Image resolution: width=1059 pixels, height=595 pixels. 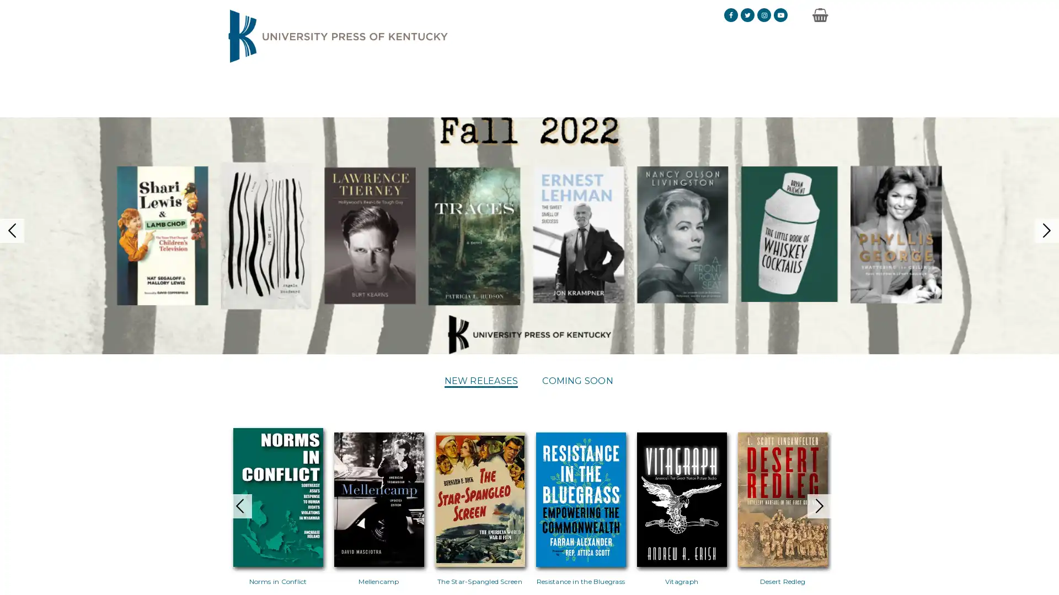 I want to click on Next, so click(x=841, y=488).